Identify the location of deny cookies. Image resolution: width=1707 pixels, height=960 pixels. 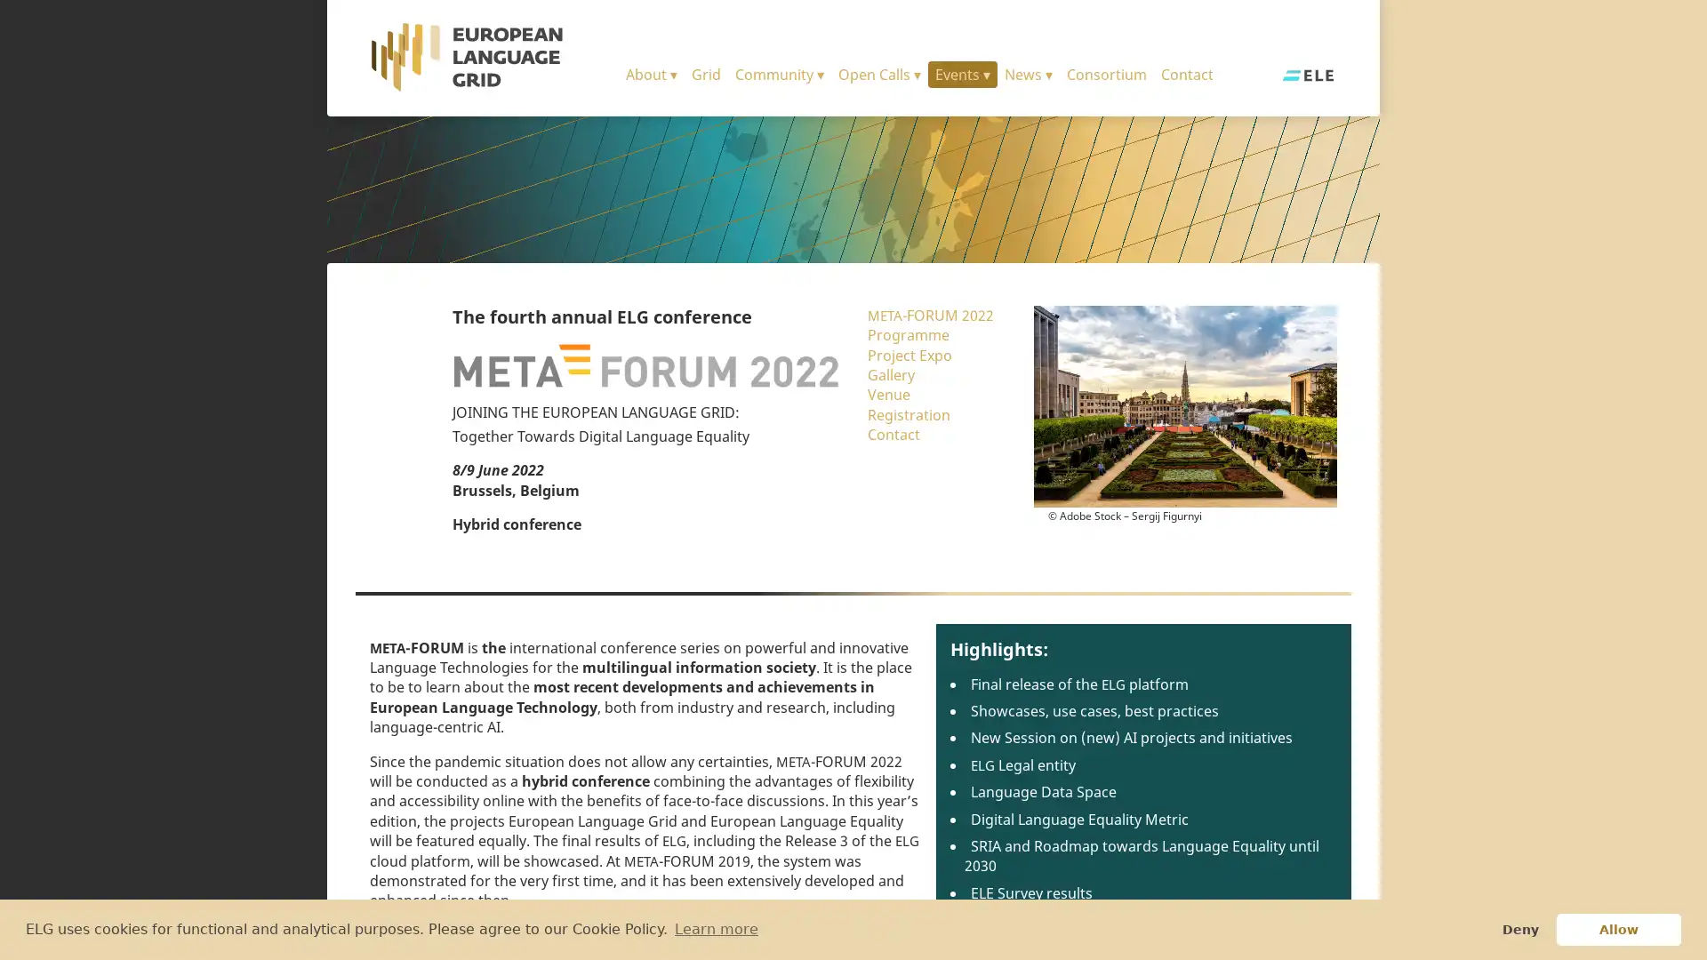
(1519, 928).